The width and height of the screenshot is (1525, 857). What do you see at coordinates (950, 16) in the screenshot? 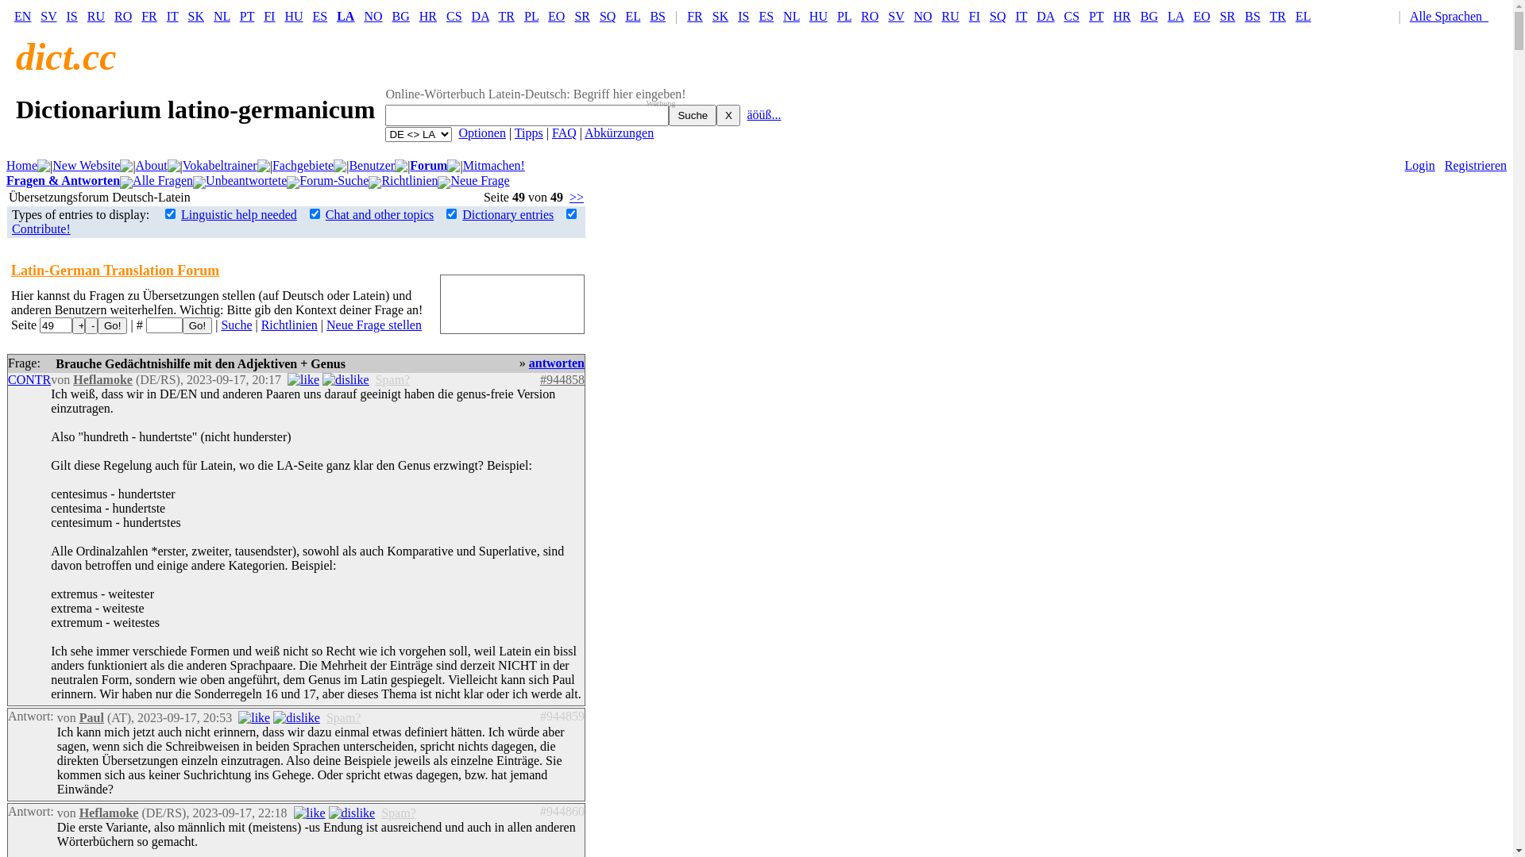
I see `'RU'` at bounding box center [950, 16].